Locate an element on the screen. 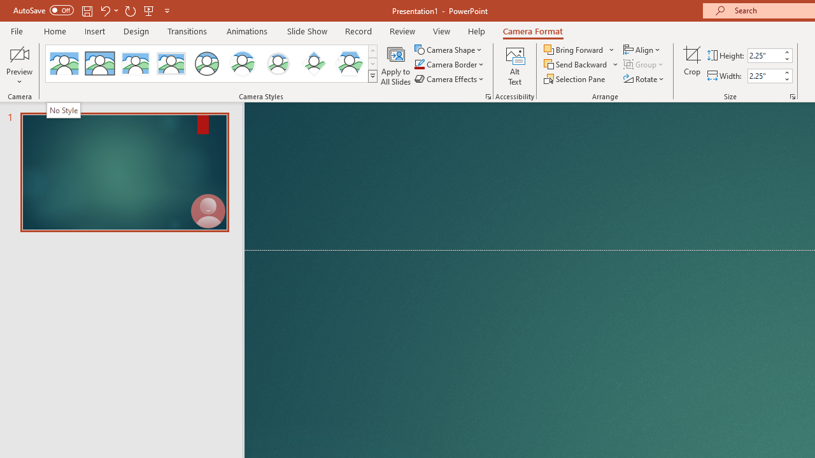  'Camera Styles' is located at coordinates (372, 76).